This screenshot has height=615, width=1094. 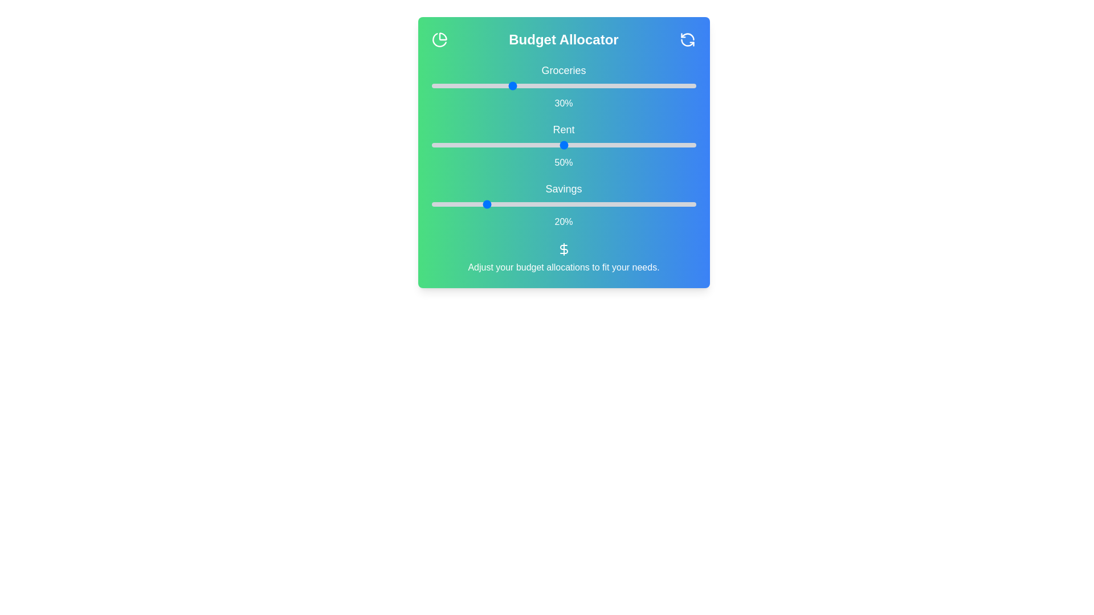 I want to click on the header icon Refresh, so click(x=687, y=39).